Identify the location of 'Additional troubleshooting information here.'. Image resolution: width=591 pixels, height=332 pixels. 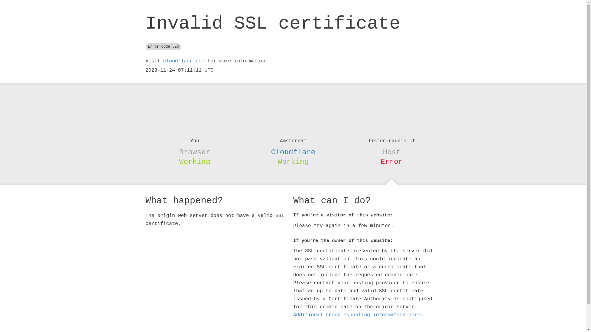
(358, 315).